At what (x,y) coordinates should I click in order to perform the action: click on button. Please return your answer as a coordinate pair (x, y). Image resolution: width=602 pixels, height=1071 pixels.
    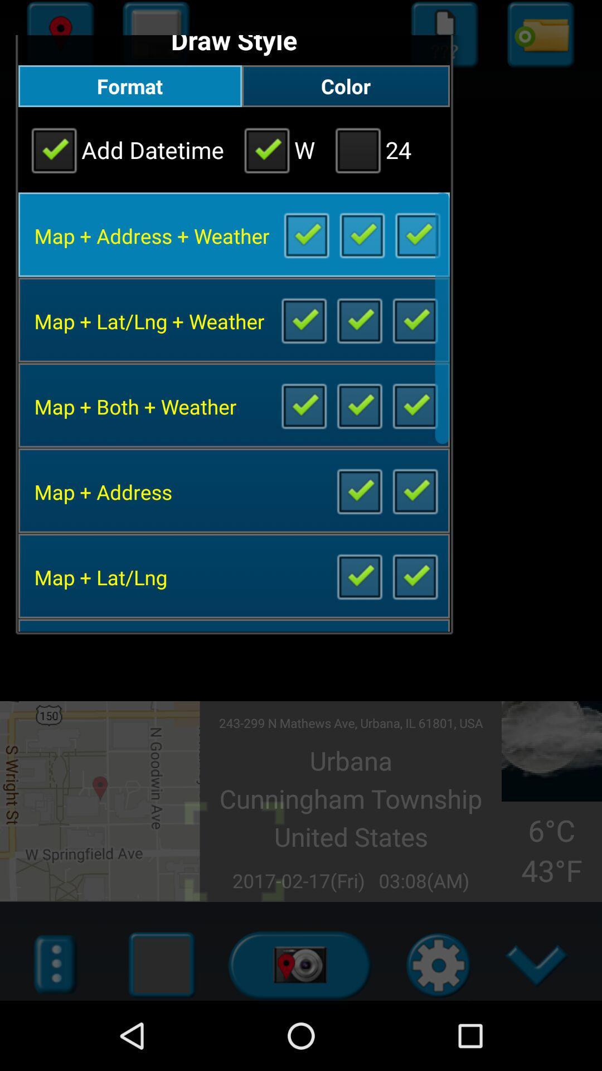
    Looking at the image, I should click on (359, 319).